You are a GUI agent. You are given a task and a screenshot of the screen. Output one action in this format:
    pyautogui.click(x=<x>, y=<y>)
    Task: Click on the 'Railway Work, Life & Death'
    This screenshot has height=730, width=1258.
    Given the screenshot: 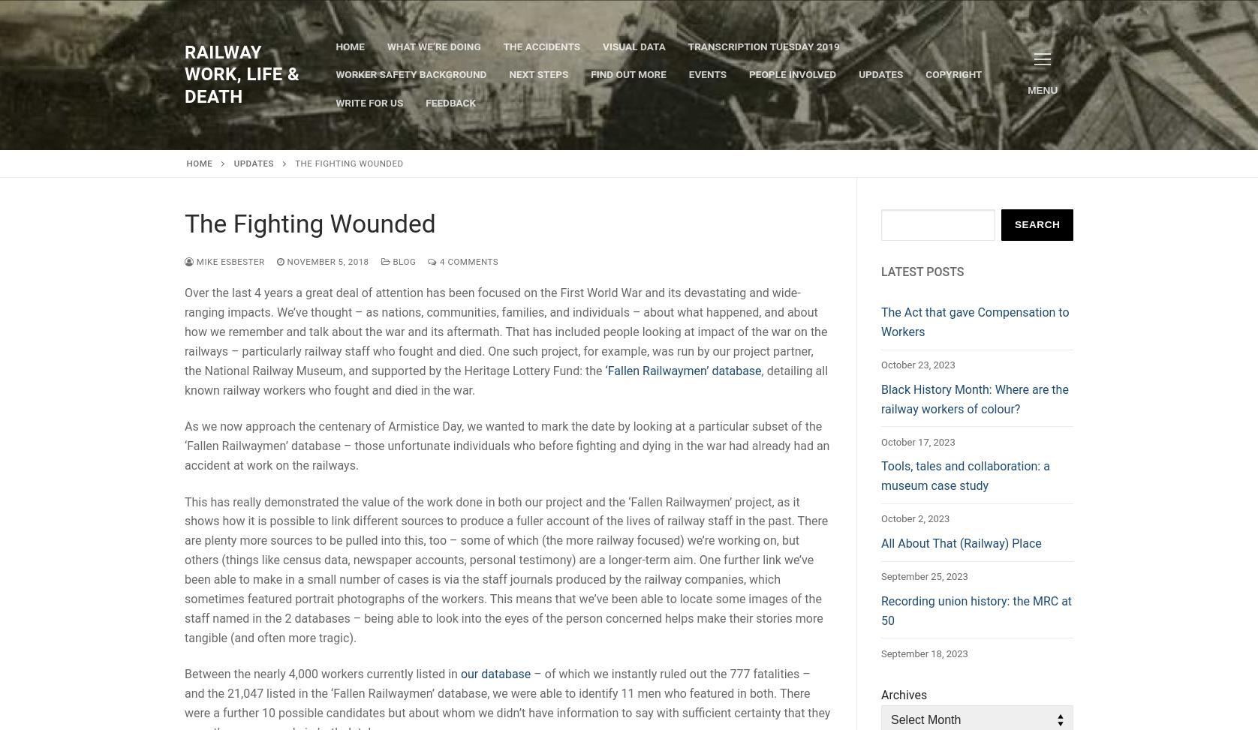 What is the action you would take?
    pyautogui.click(x=241, y=73)
    